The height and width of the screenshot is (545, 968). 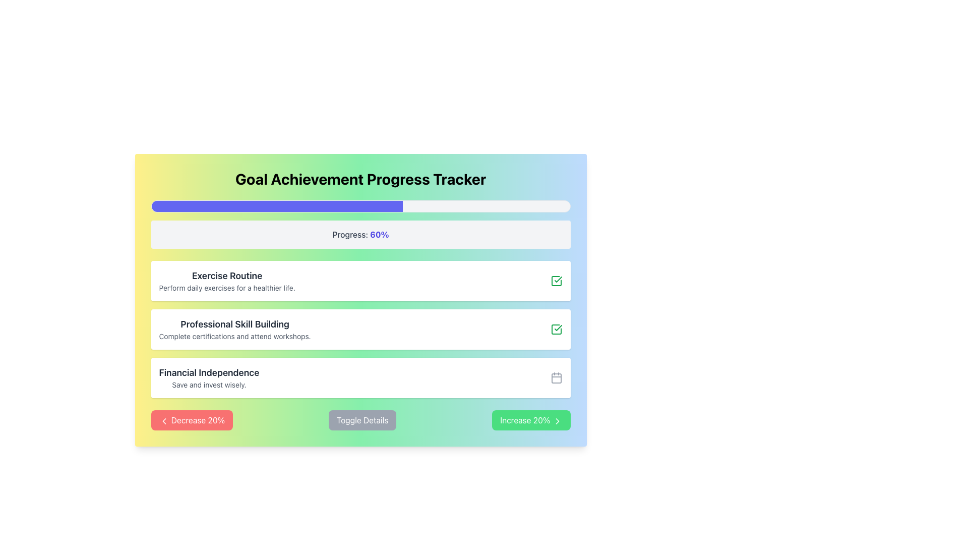 I want to click on the leftmost button with a red background and white text that reads 'Decrease 20%' to decrease the progress by 20%, so click(x=192, y=420).